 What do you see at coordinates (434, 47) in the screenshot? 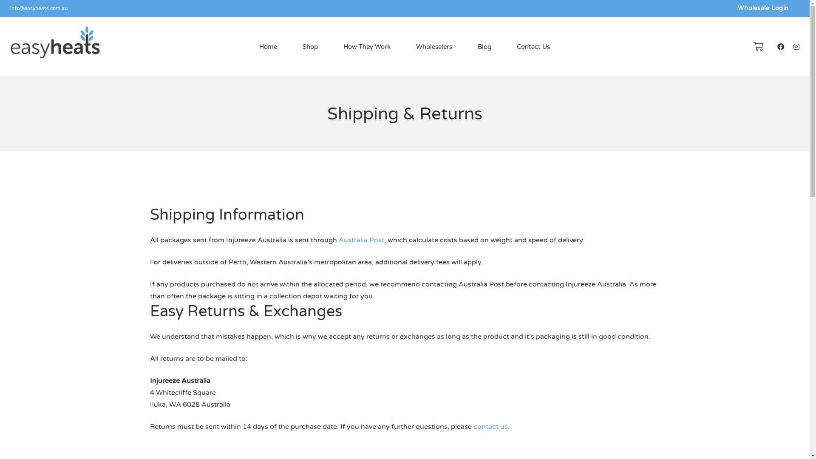
I see `'Wholesalers'` at bounding box center [434, 47].